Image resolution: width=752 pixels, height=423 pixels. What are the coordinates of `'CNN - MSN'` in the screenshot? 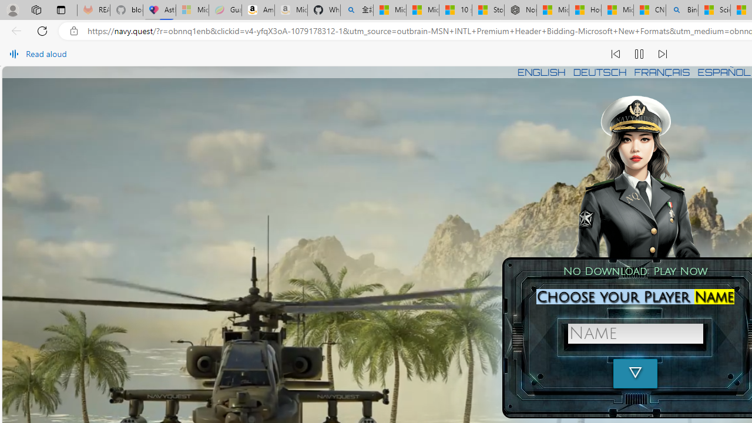 It's located at (649, 10).